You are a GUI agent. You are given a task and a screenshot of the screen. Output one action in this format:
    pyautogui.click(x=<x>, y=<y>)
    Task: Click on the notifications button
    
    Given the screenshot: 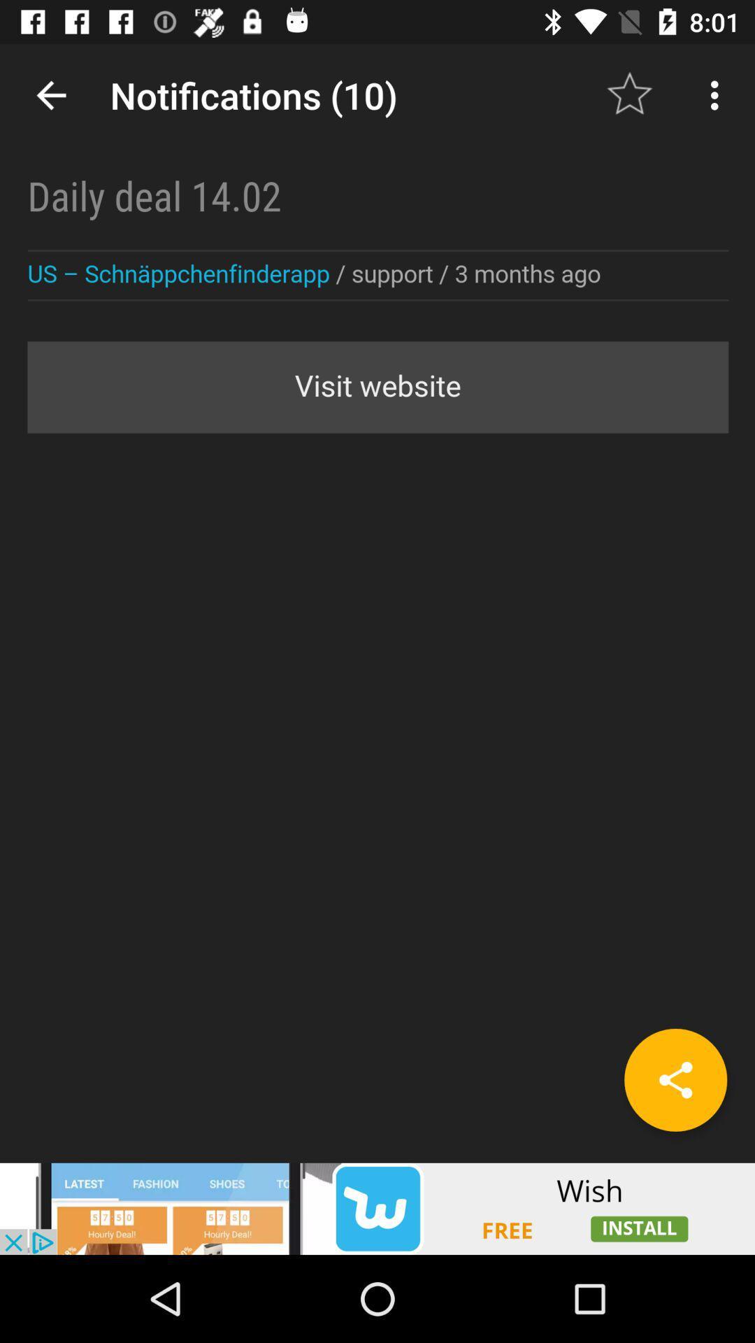 What is the action you would take?
    pyautogui.click(x=377, y=603)
    